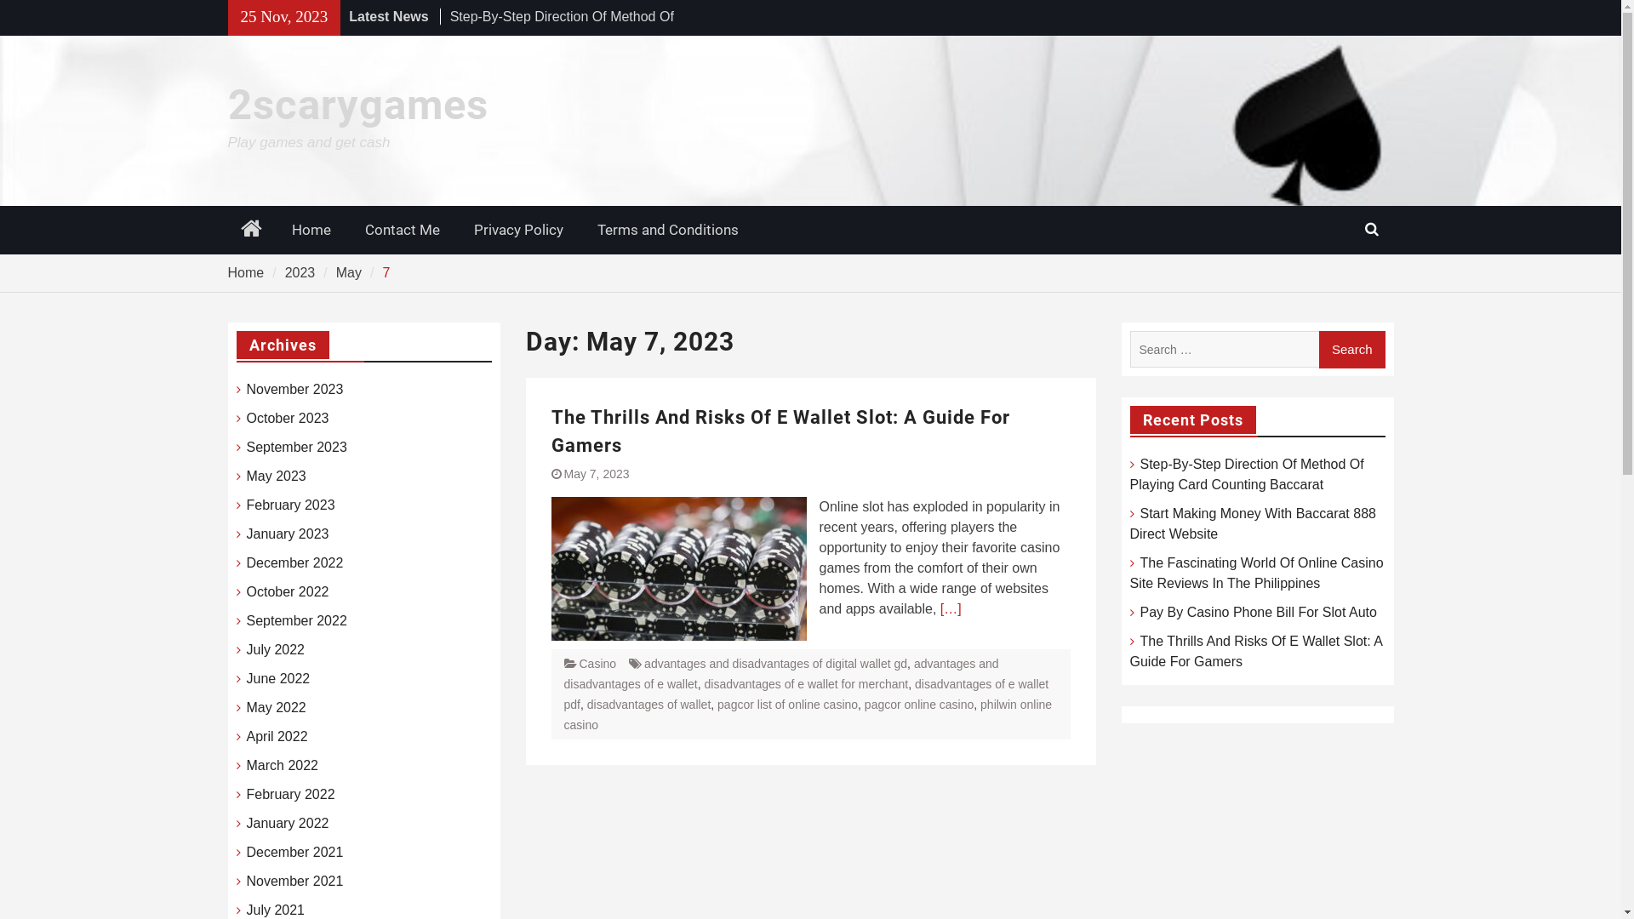  I want to click on 'October 2023', so click(245, 419).